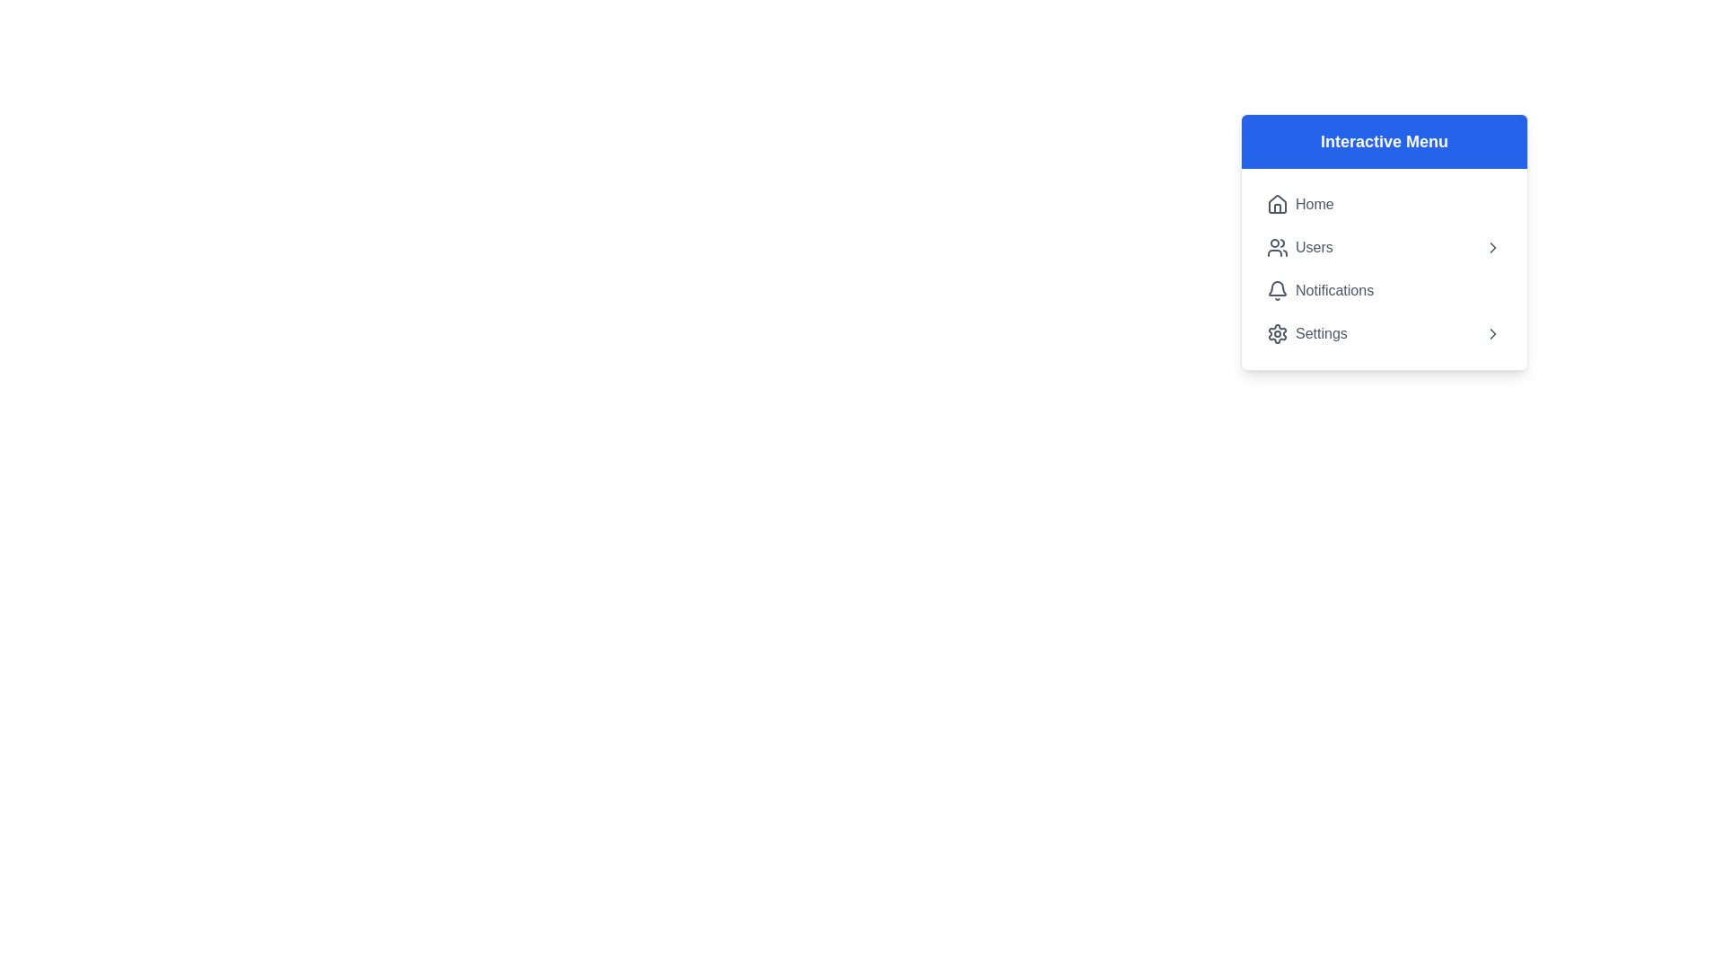 Image resolution: width=1724 pixels, height=970 pixels. Describe the element at coordinates (1306, 333) in the screenshot. I see `the 'Settings' navigation link/button with a gear icon` at that location.